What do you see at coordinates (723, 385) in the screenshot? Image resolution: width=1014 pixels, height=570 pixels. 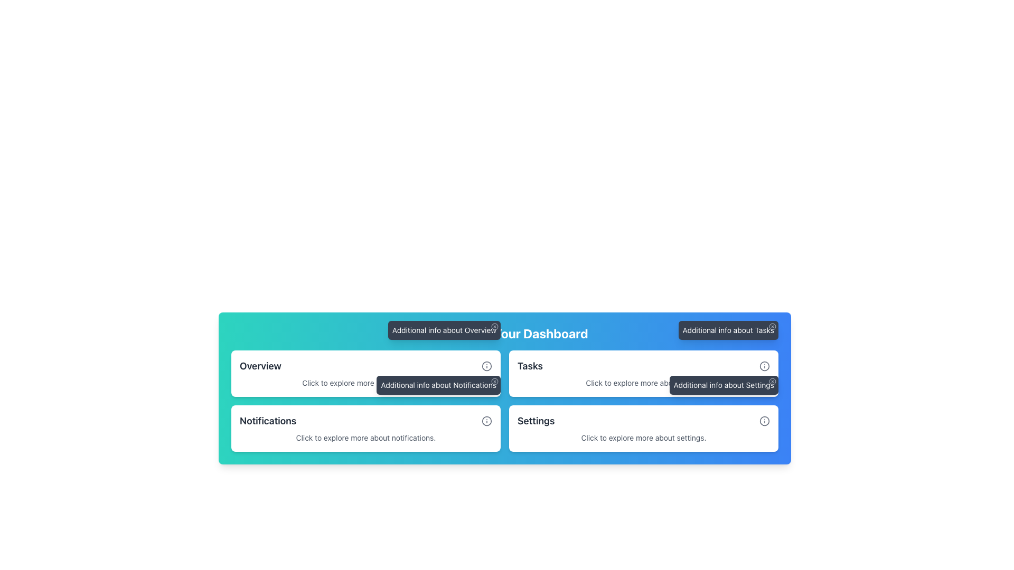 I see `the 'X' icon located in the Tooltip above the 'Settings' section` at bounding box center [723, 385].